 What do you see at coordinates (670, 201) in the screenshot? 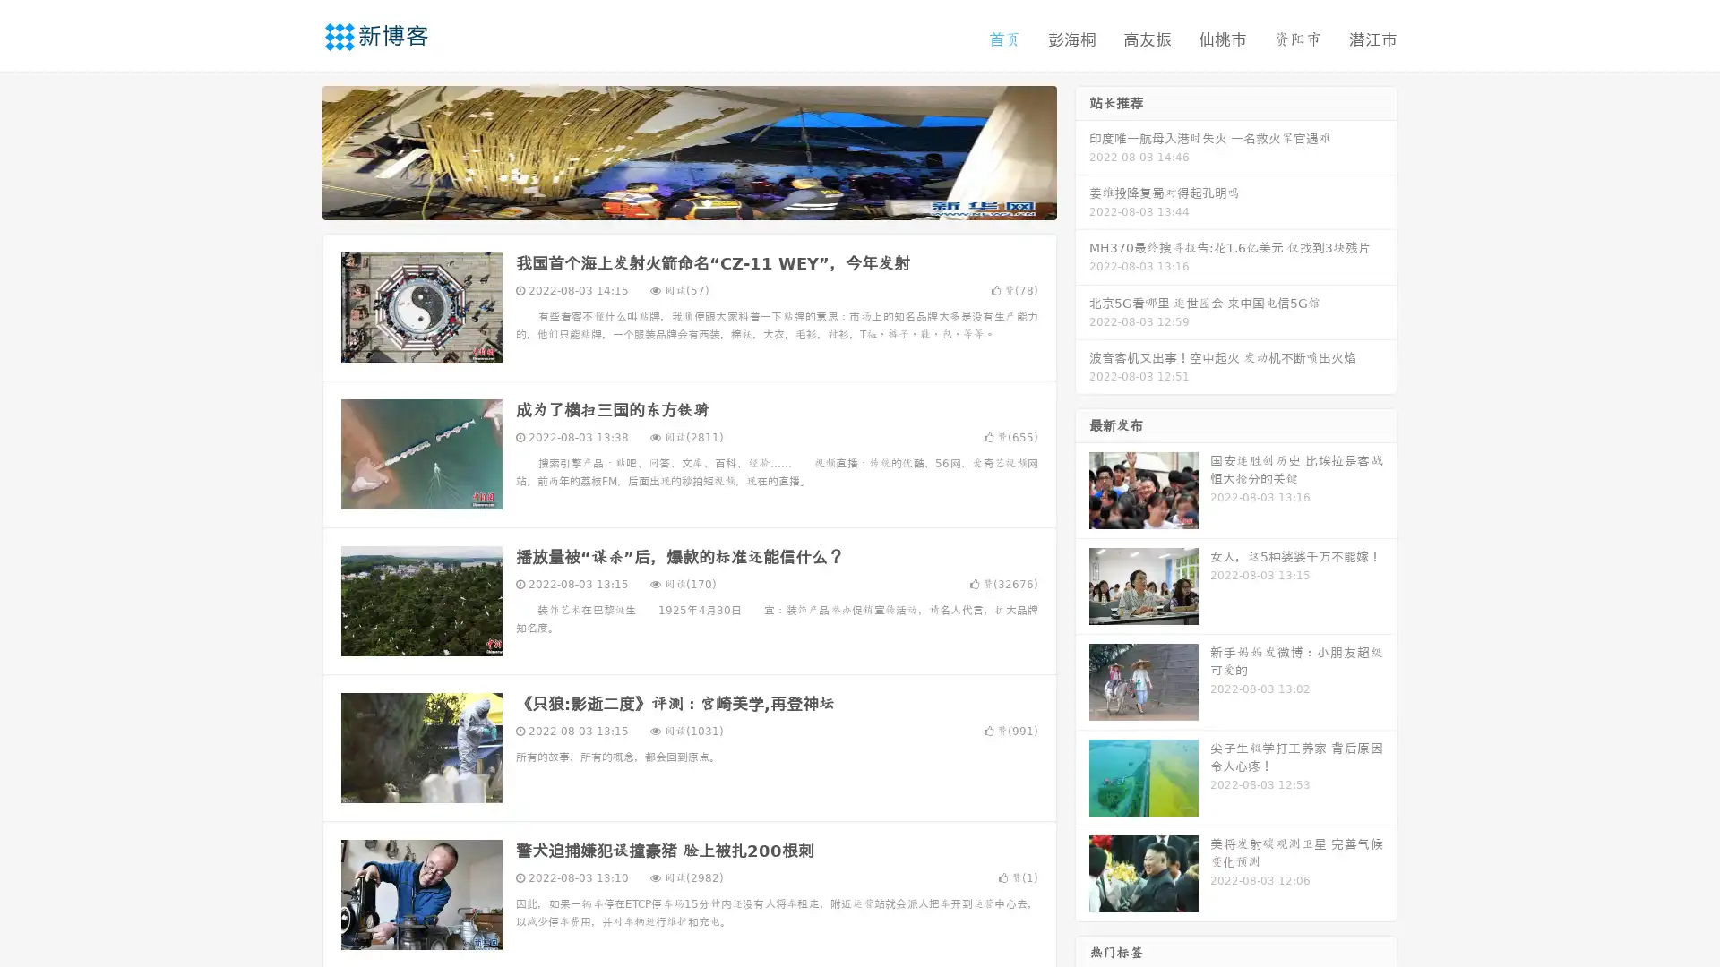
I see `Go to slide 1` at bounding box center [670, 201].